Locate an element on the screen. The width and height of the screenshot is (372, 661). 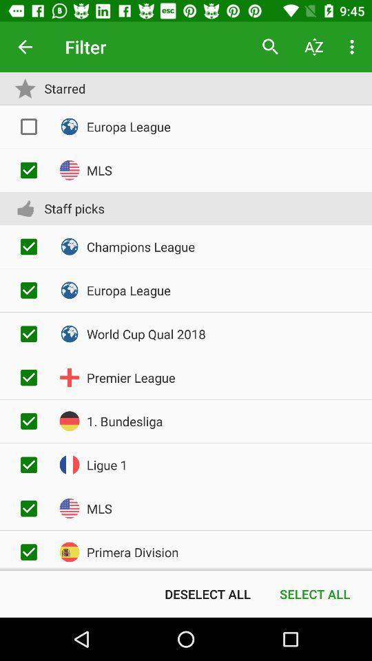
item next to filter icon is located at coordinates (271, 47).